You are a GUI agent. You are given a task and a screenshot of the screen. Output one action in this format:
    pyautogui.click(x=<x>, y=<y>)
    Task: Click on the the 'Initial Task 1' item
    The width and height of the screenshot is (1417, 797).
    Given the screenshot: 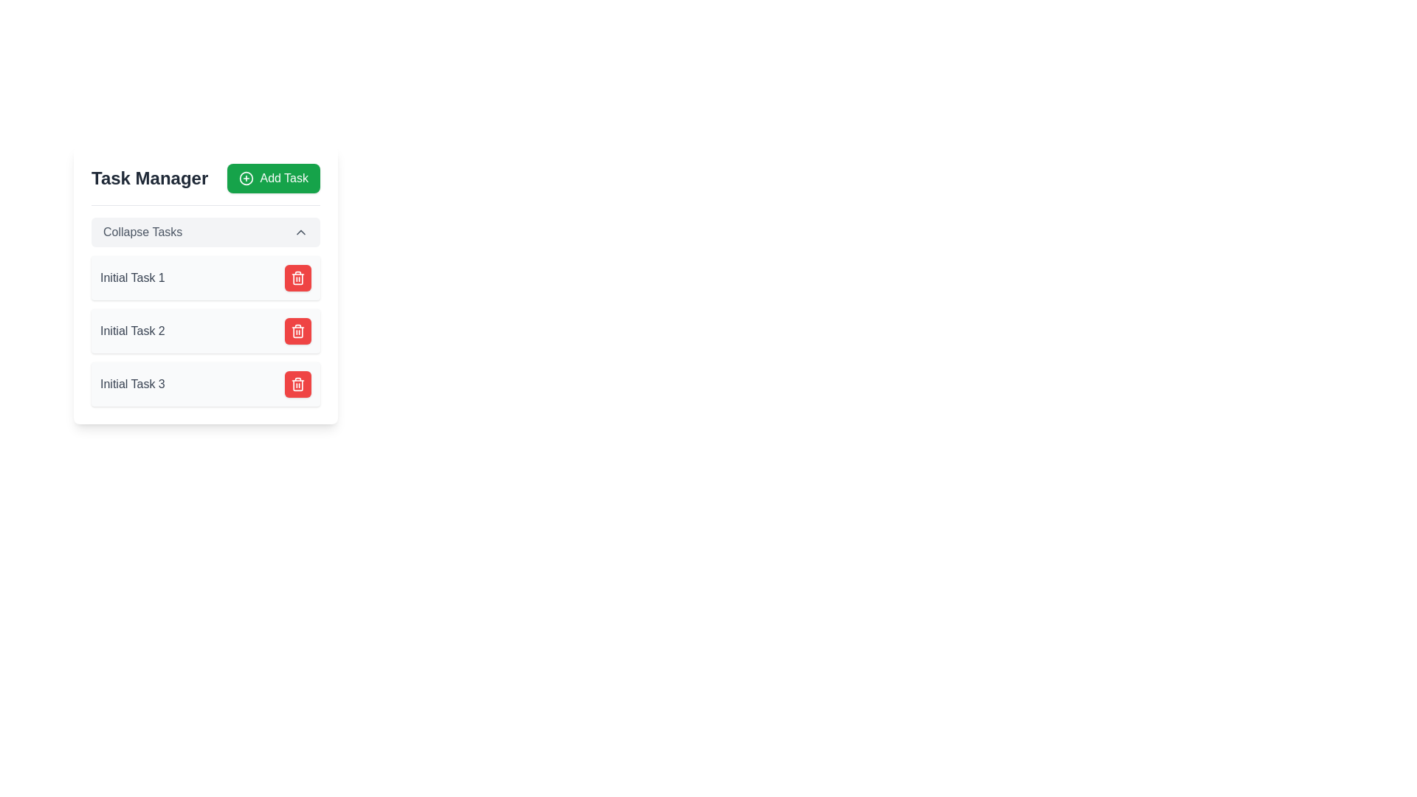 What is the action you would take?
    pyautogui.click(x=204, y=284)
    